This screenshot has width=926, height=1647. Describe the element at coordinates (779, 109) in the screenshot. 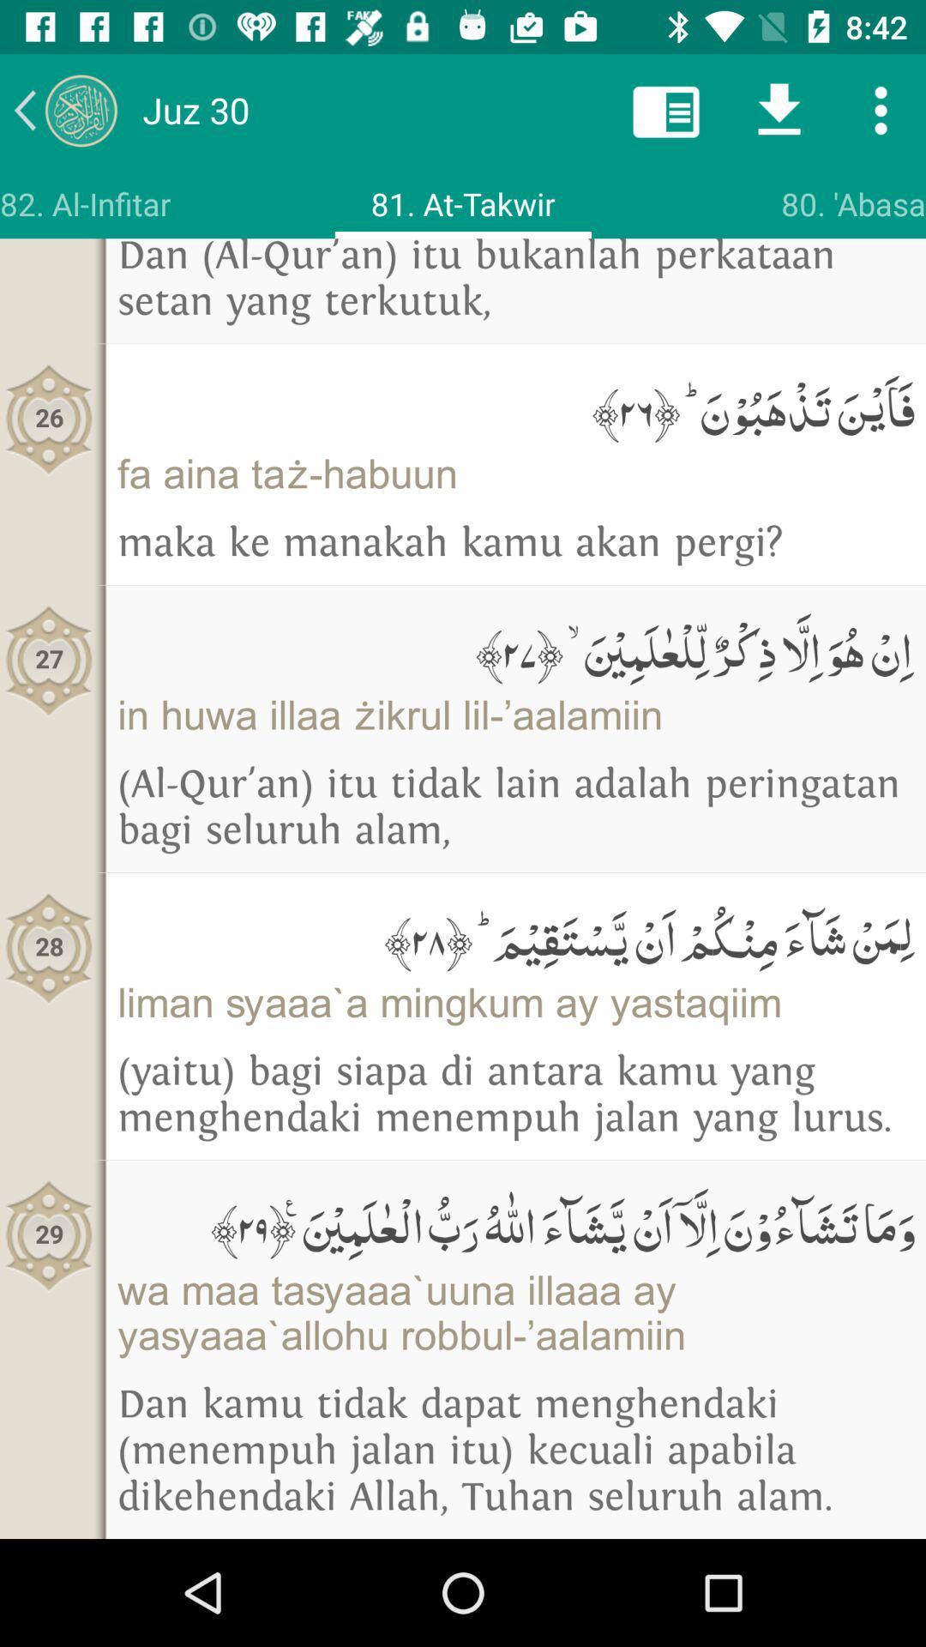

I see `the file_download icon` at that location.